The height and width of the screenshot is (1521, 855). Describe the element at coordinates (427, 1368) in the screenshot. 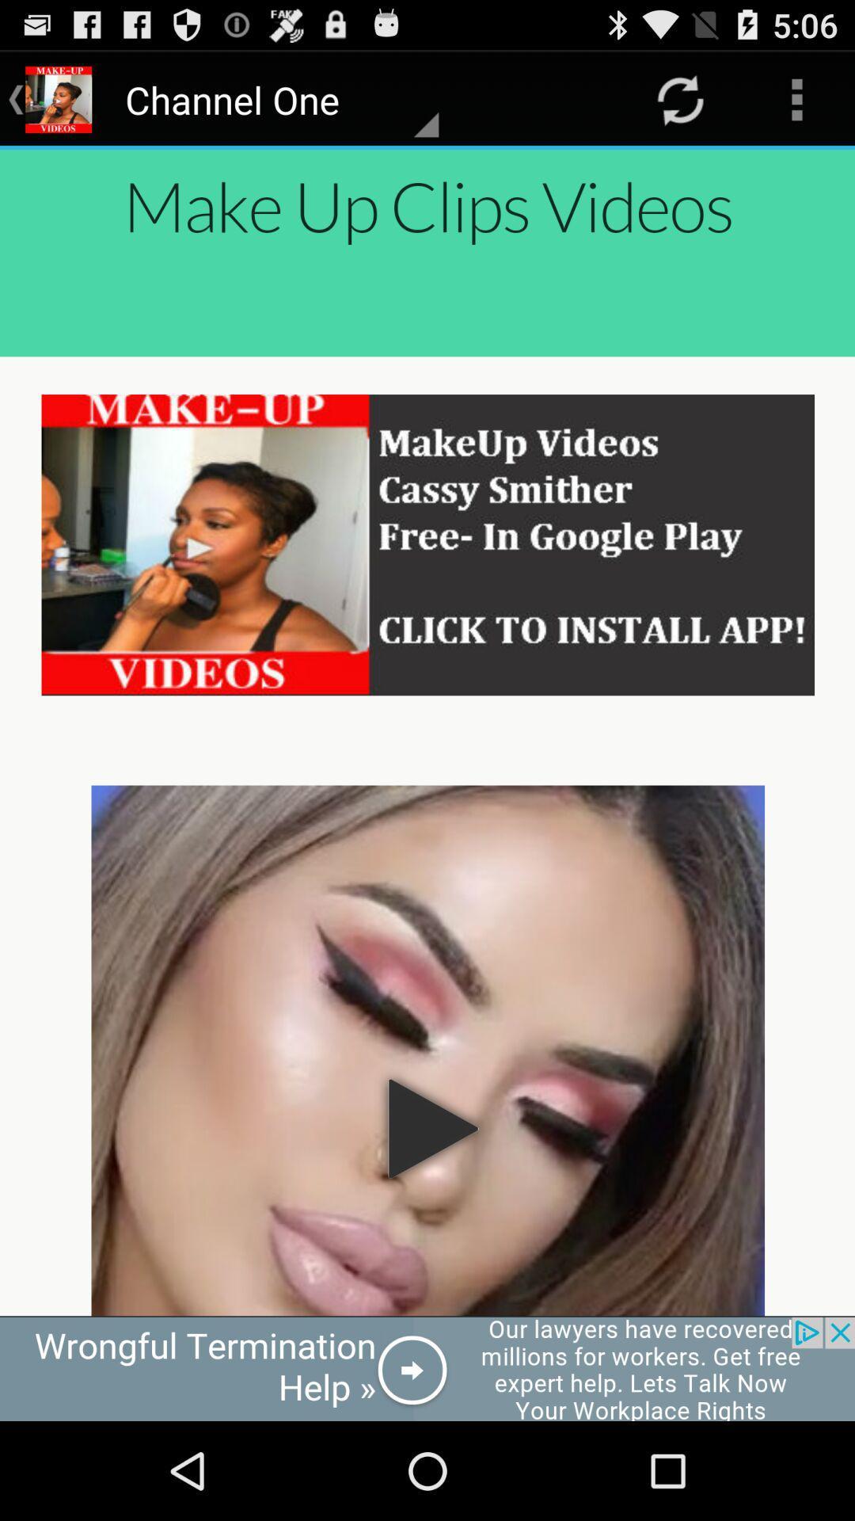

I see `wrongful termination advertisement` at that location.